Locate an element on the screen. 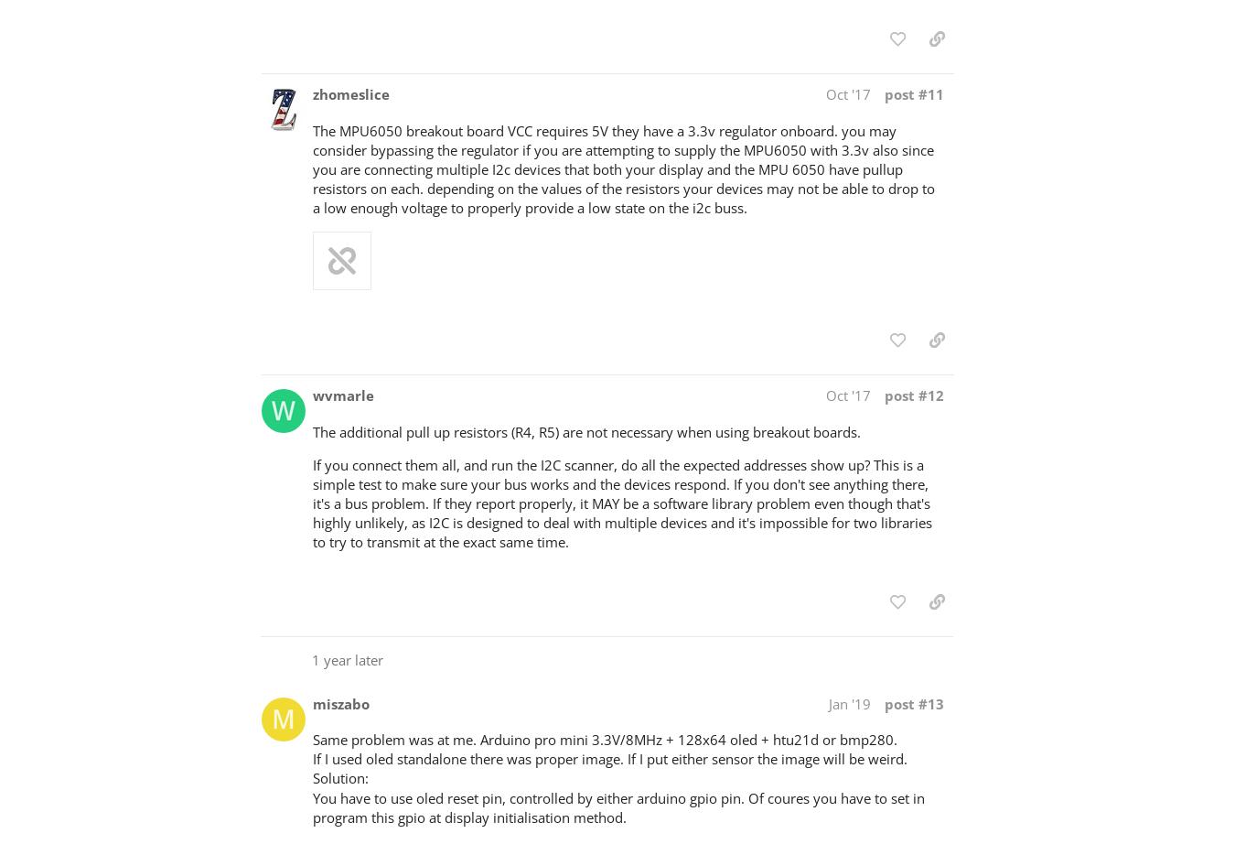 The image size is (1235, 844). 'miszabo' is located at coordinates (341, 702).